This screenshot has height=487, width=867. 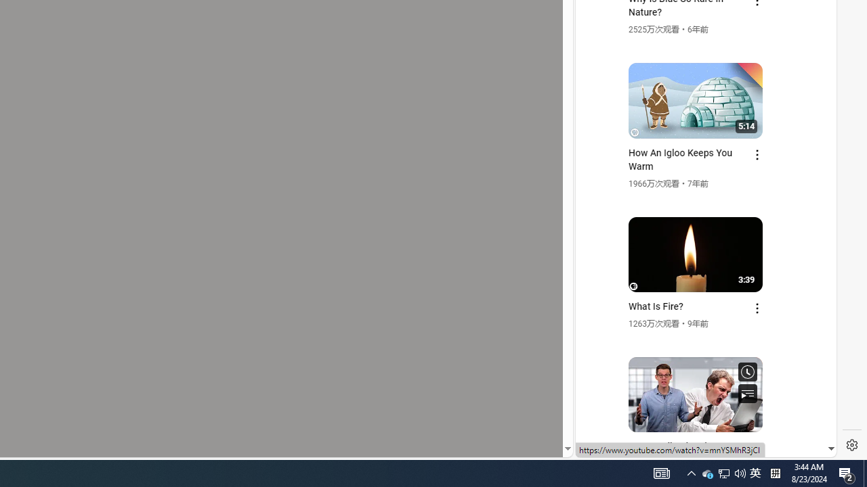 I want to click on 'you', so click(x=700, y=411).